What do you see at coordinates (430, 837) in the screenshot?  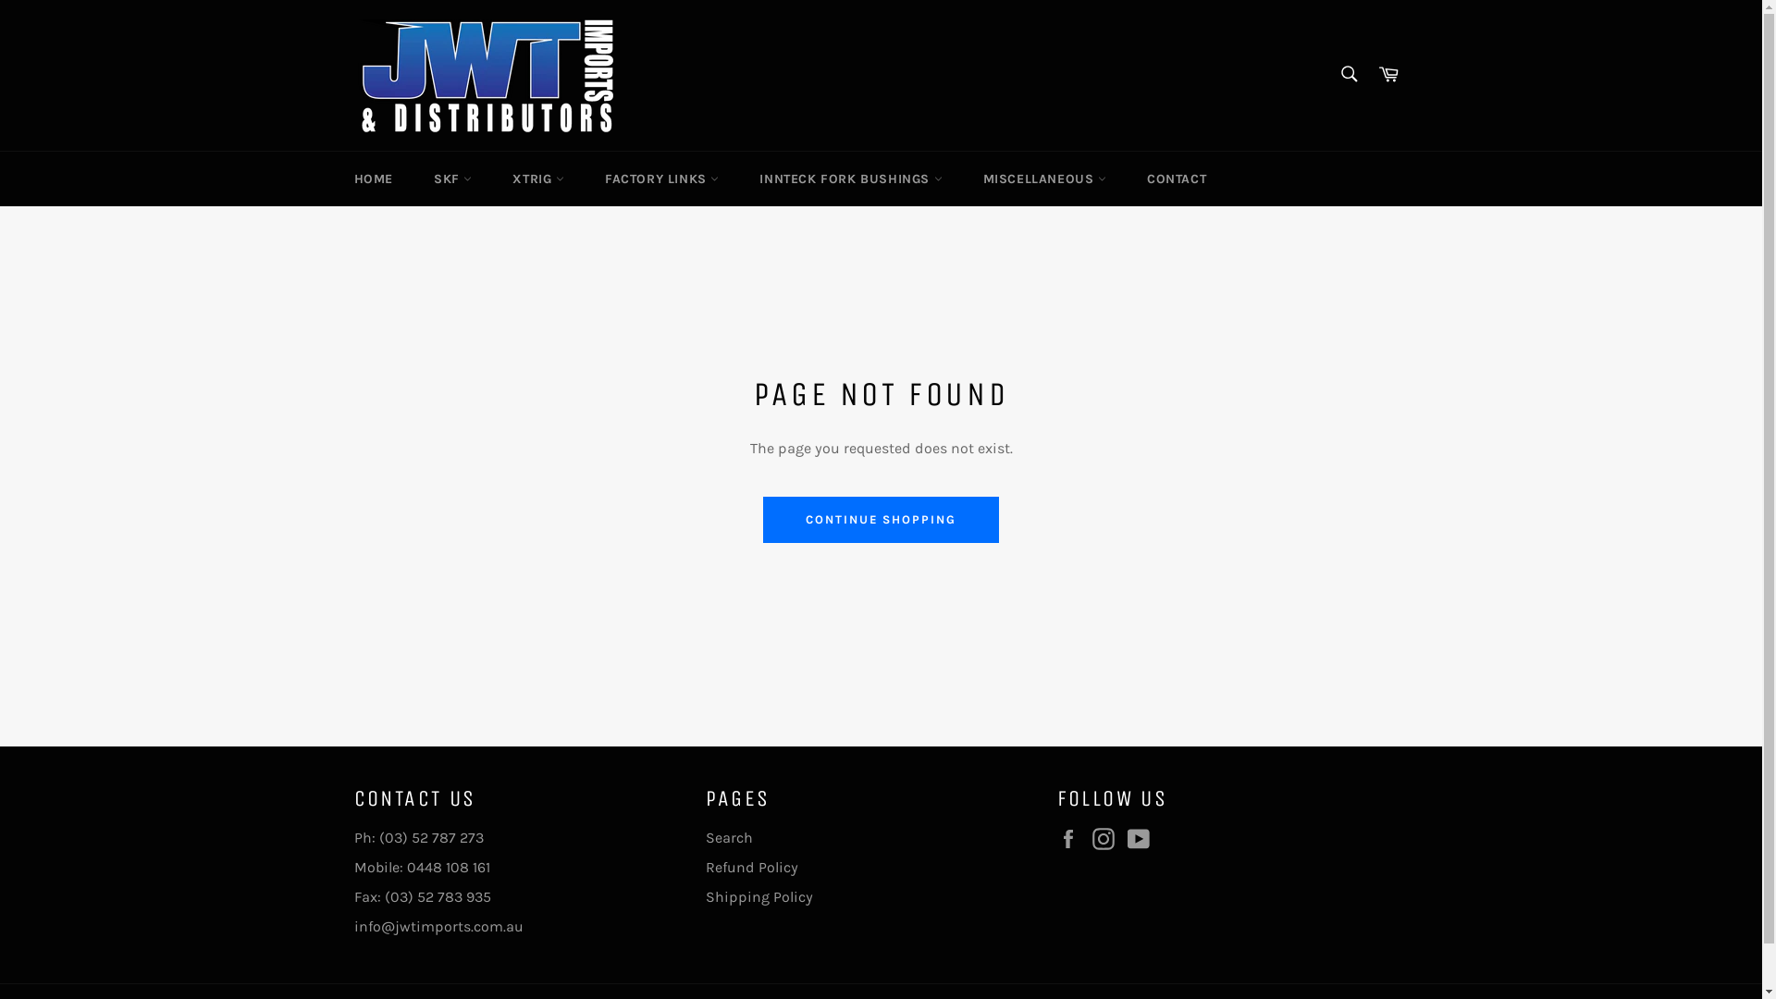 I see `'(03) 52 787 273'` at bounding box center [430, 837].